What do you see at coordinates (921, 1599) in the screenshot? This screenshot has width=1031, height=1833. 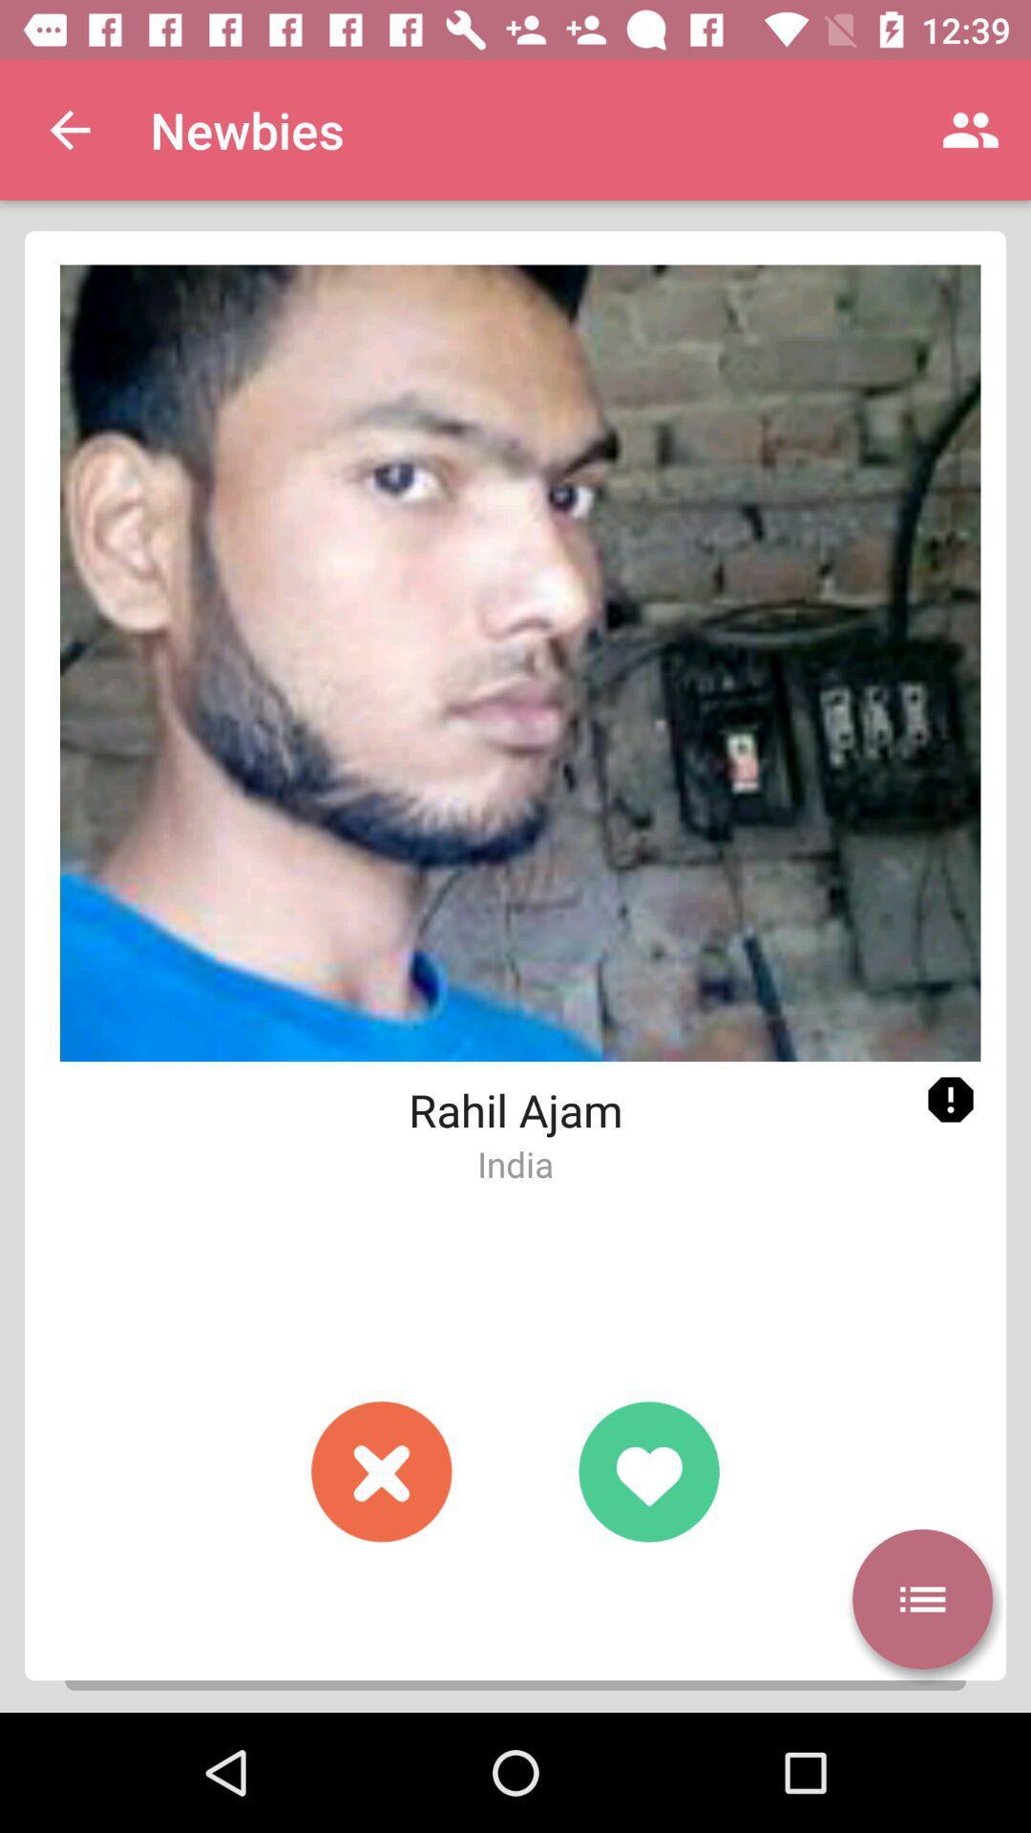 I see `more information` at bounding box center [921, 1599].